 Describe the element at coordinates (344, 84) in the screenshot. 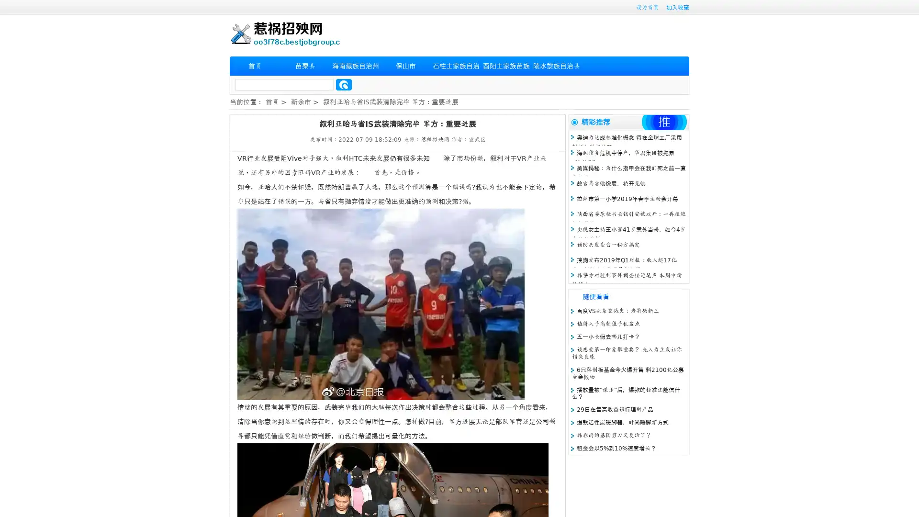

I see `Search` at that location.